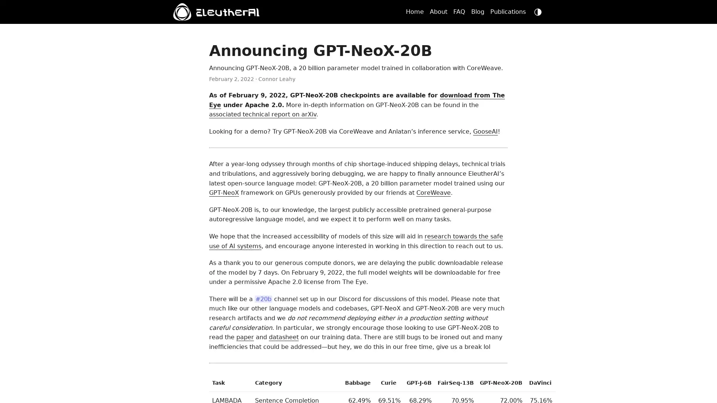 The width and height of the screenshot is (717, 403). I want to click on dark mode switch button, so click(538, 12).